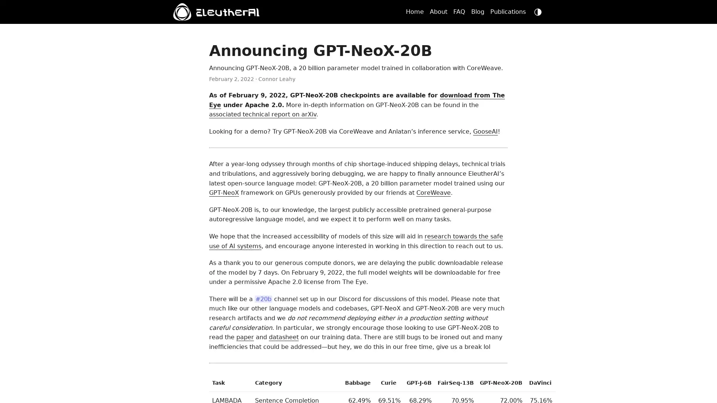 The width and height of the screenshot is (717, 403). I want to click on dark mode switch button, so click(538, 12).